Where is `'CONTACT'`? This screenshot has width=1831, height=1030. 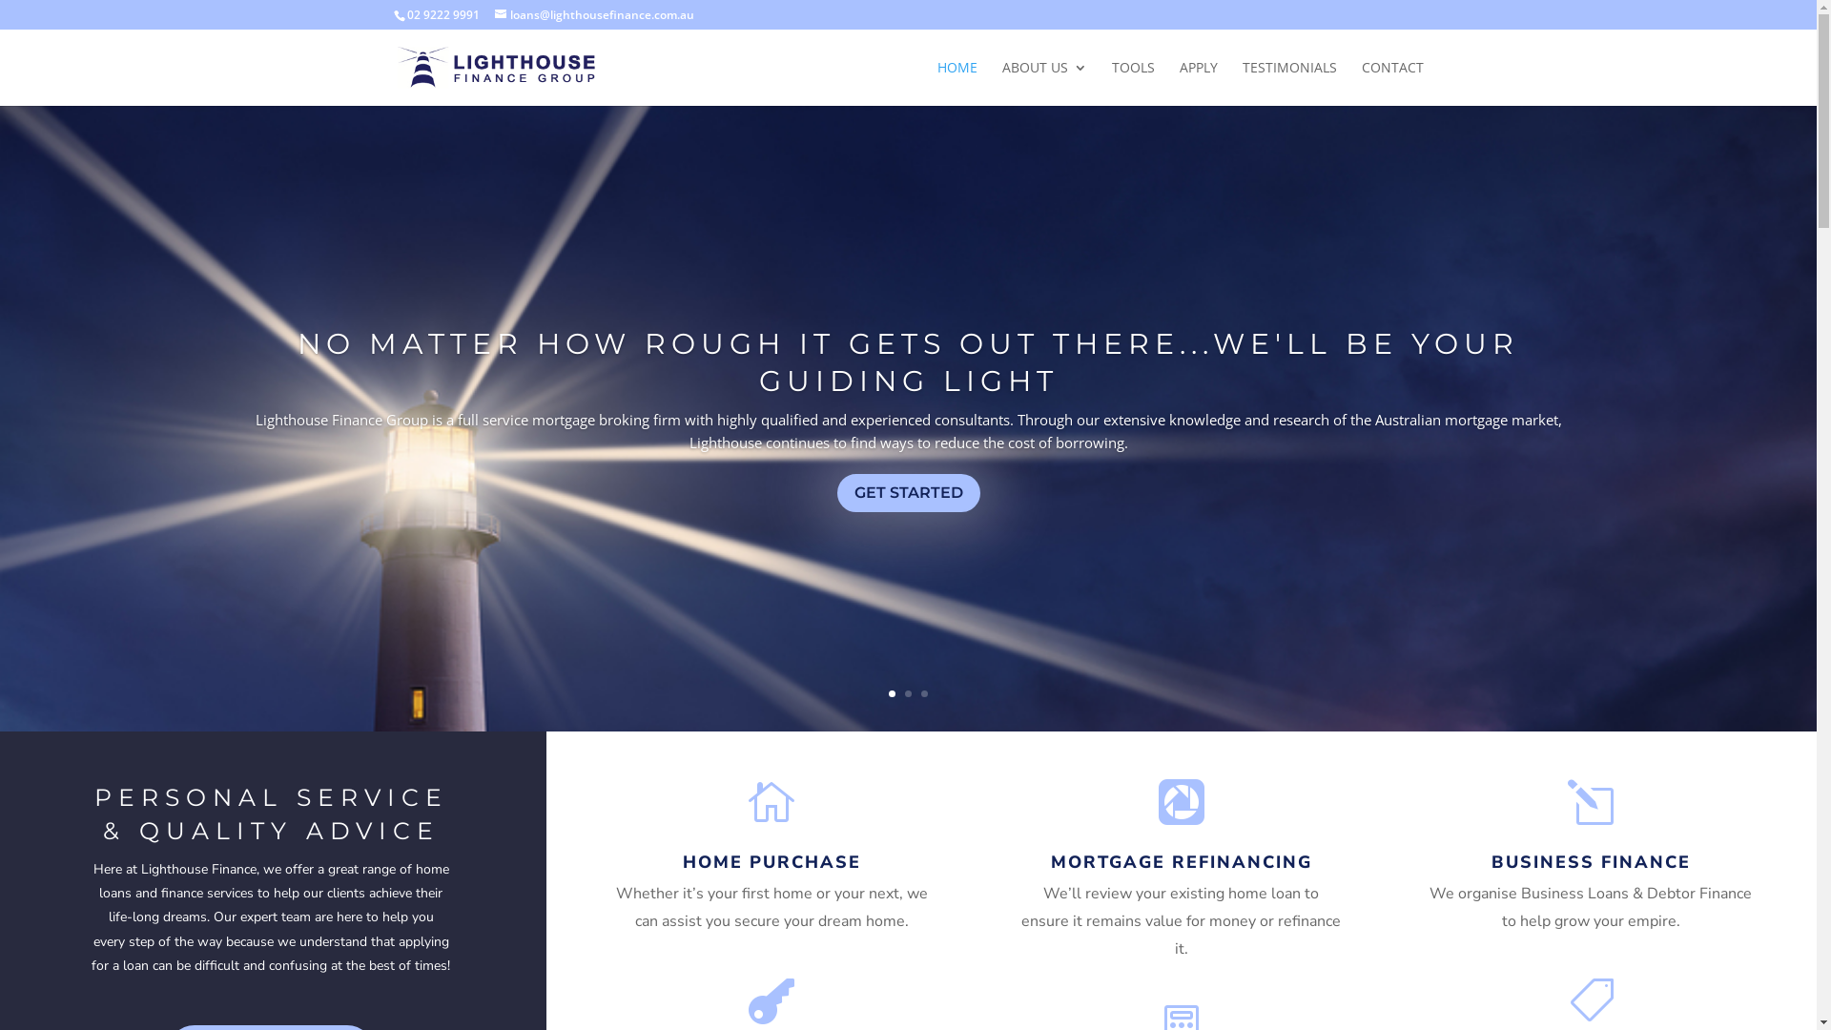 'CONTACT' is located at coordinates (1361, 82).